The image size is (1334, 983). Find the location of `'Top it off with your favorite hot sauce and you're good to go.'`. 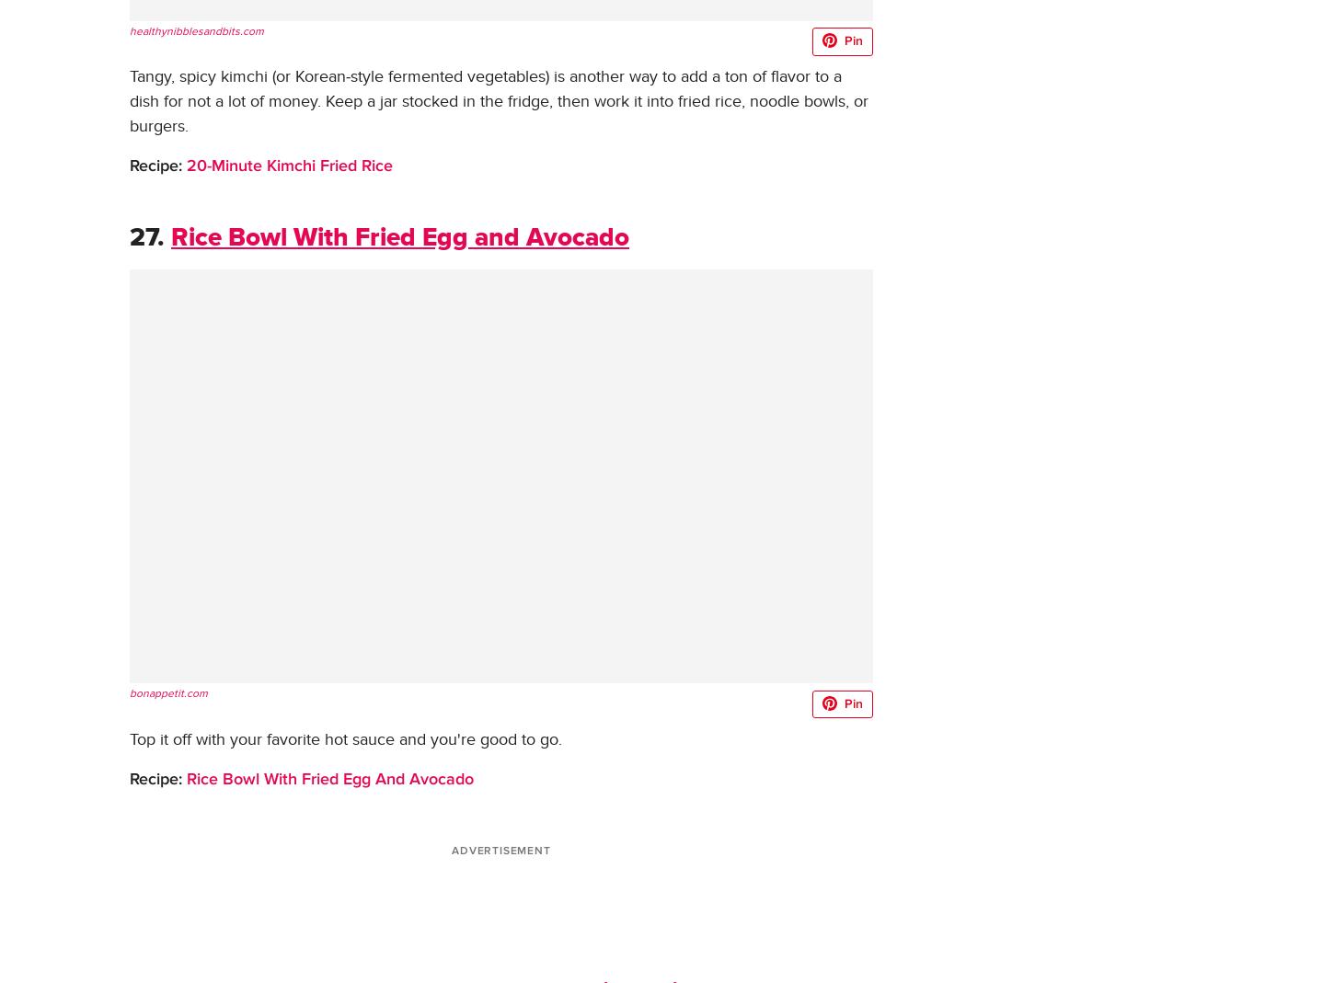

'Top it off with your favorite hot sauce and you're good to go.' is located at coordinates (347, 738).